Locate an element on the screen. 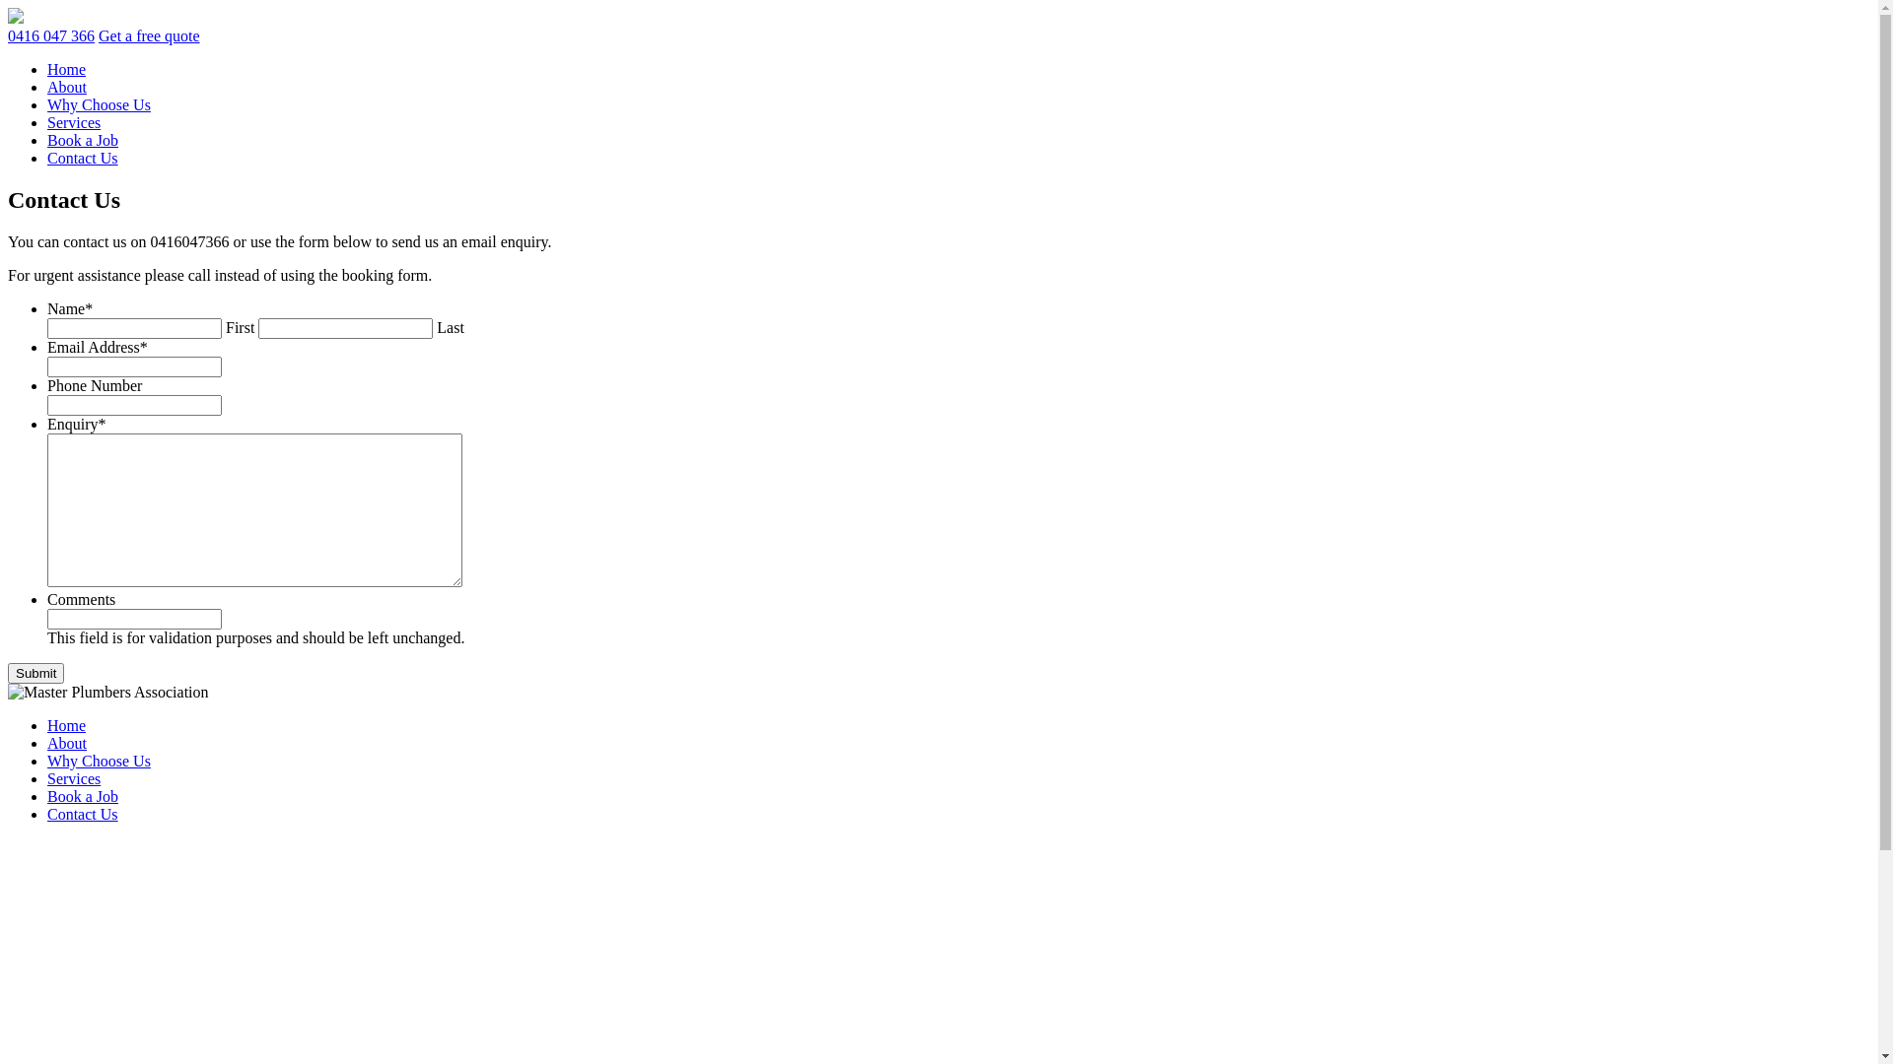  'Book a Job' is located at coordinates (47, 139).